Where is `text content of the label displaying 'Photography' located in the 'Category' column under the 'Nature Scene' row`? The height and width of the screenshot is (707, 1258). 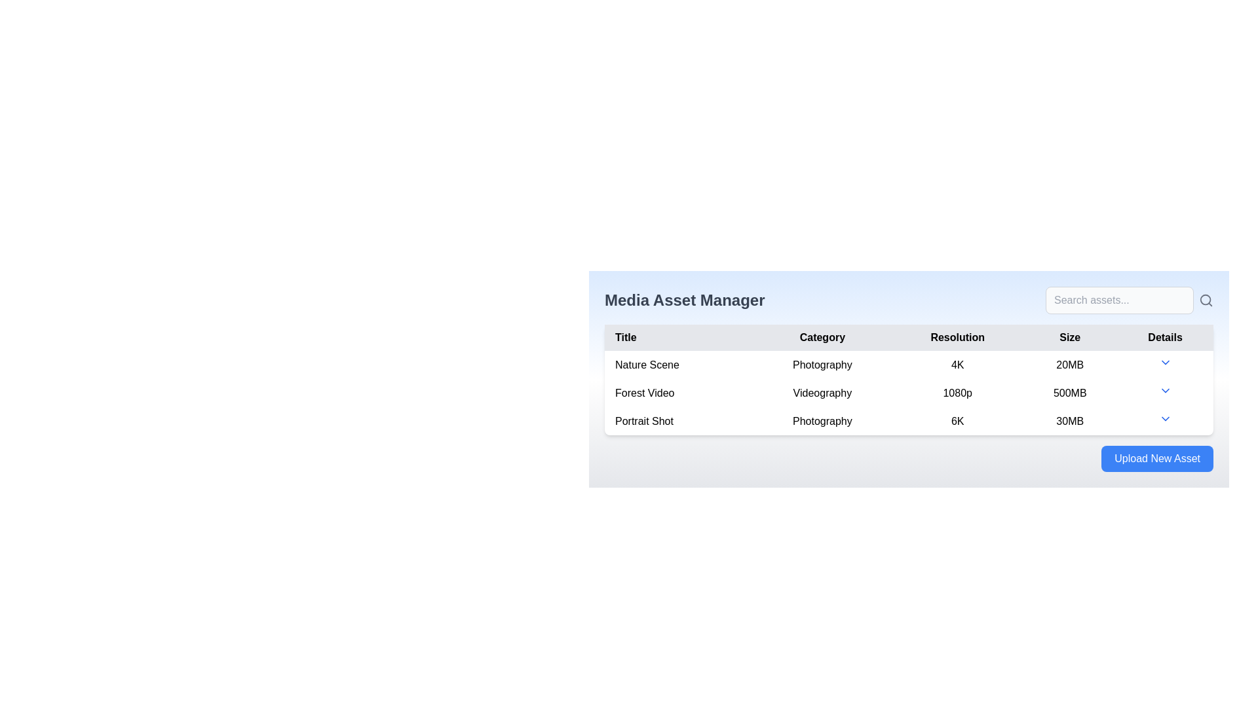 text content of the label displaying 'Photography' located in the 'Category' column under the 'Nature Scene' row is located at coordinates (822, 365).